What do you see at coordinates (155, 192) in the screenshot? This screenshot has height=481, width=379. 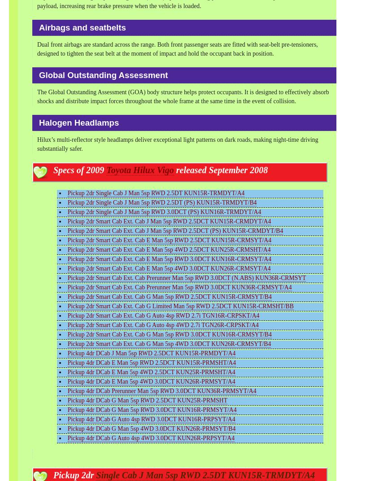 I see `'Pickup 2dr Single Cab J Man 5sp RWD 2.5DT KUN15R-TRMDYT/A4'` at bounding box center [155, 192].